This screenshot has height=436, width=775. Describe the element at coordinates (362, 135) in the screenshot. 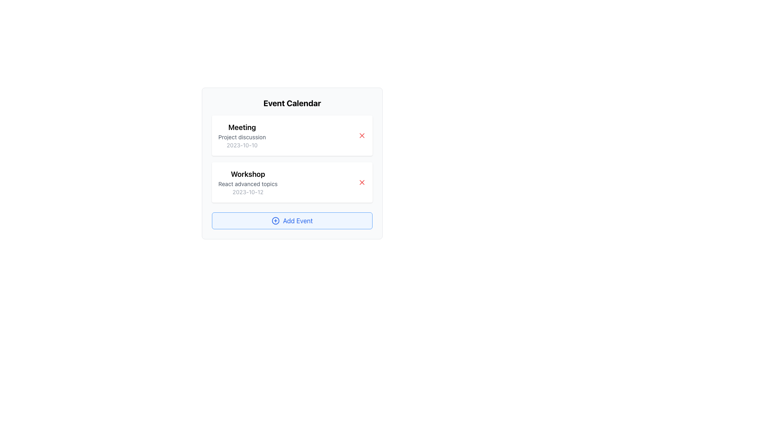

I see `the delete icon located in the 'Meeting' section of the Event Calendar interface` at that location.